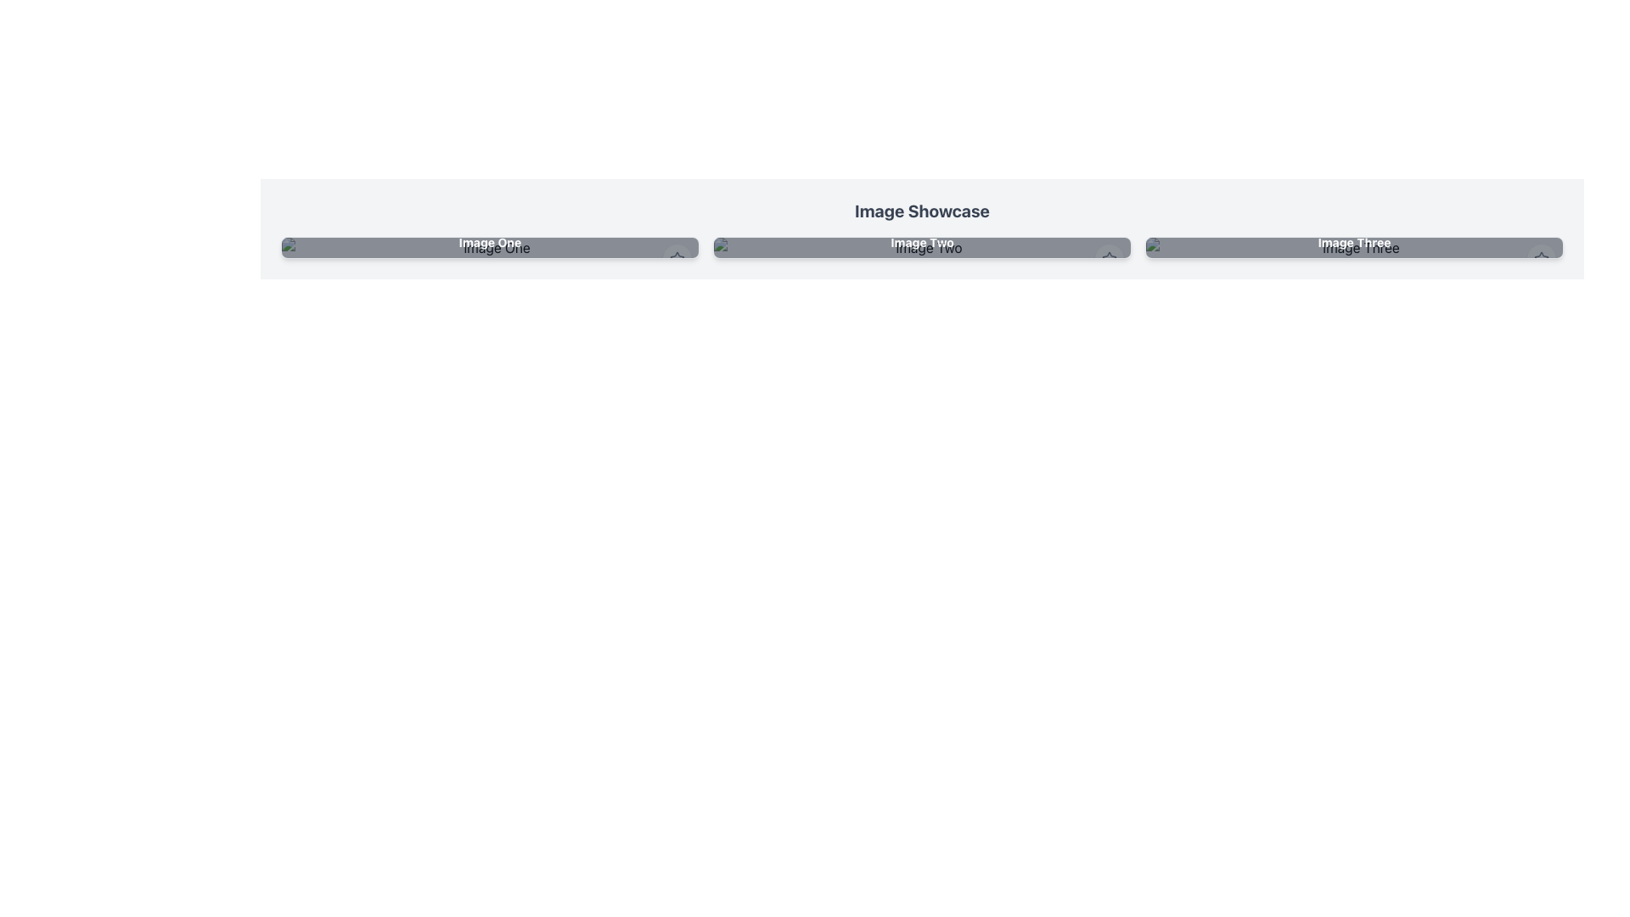 This screenshot has width=1630, height=917. Describe the element at coordinates (921, 248) in the screenshot. I see `the image with placeholder text 'Image Two', which has a light-gray background and is centrally located between 'Image One' and 'Image Three'` at that location.